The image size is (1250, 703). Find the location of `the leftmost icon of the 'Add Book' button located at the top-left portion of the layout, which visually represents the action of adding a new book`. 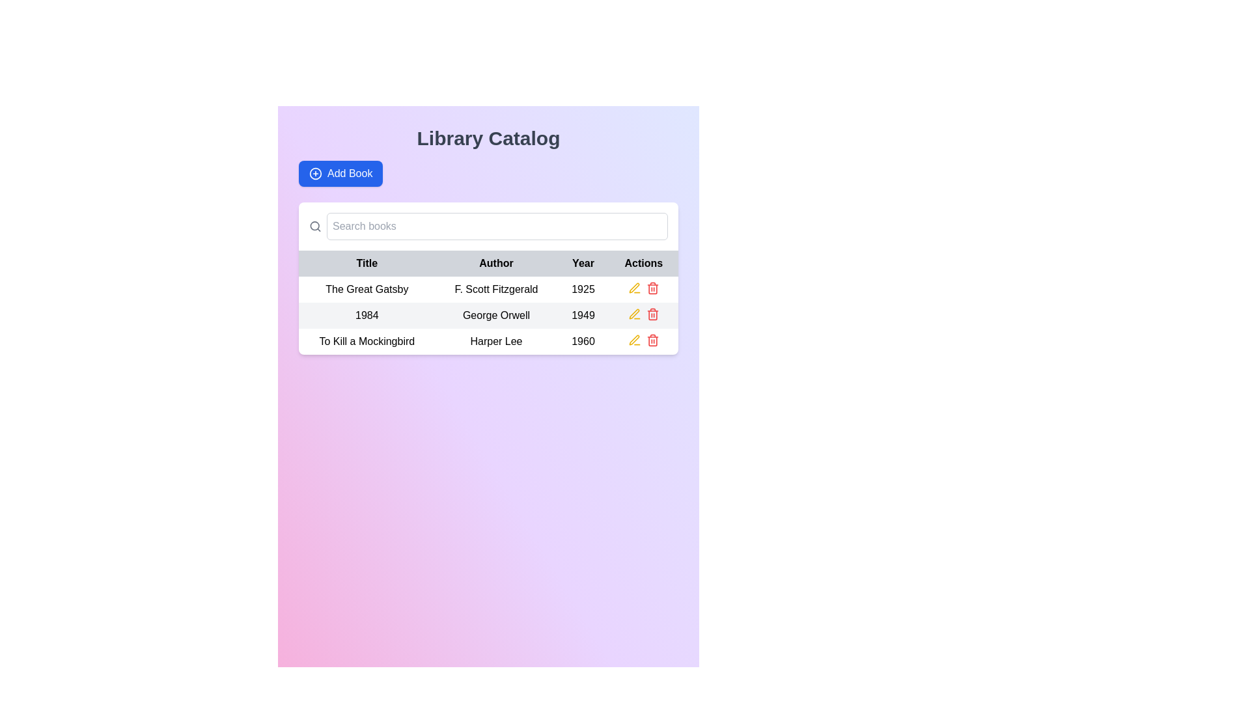

the leftmost icon of the 'Add Book' button located at the top-left portion of the layout, which visually represents the action of adding a new book is located at coordinates (315, 172).